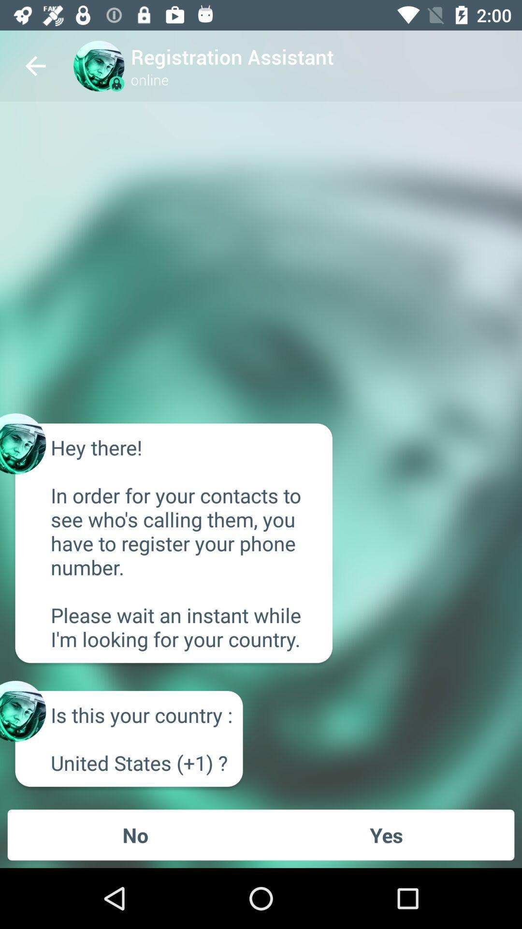 This screenshot has width=522, height=929. I want to click on the item to the left of yes icon, so click(135, 834).